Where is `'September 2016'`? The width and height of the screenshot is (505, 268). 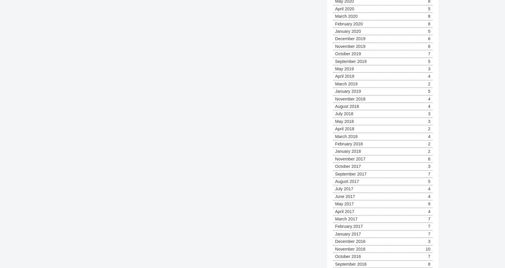
'September 2016' is located at coordinates (350, 264).